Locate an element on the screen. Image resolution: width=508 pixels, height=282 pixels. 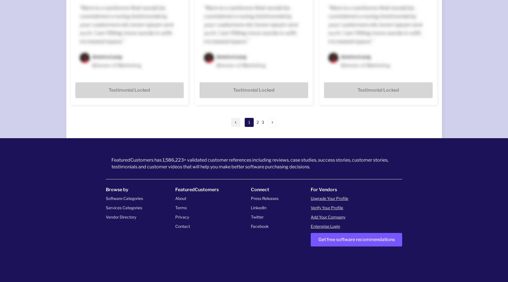
'Terms' is located at coordinates (181, 207).